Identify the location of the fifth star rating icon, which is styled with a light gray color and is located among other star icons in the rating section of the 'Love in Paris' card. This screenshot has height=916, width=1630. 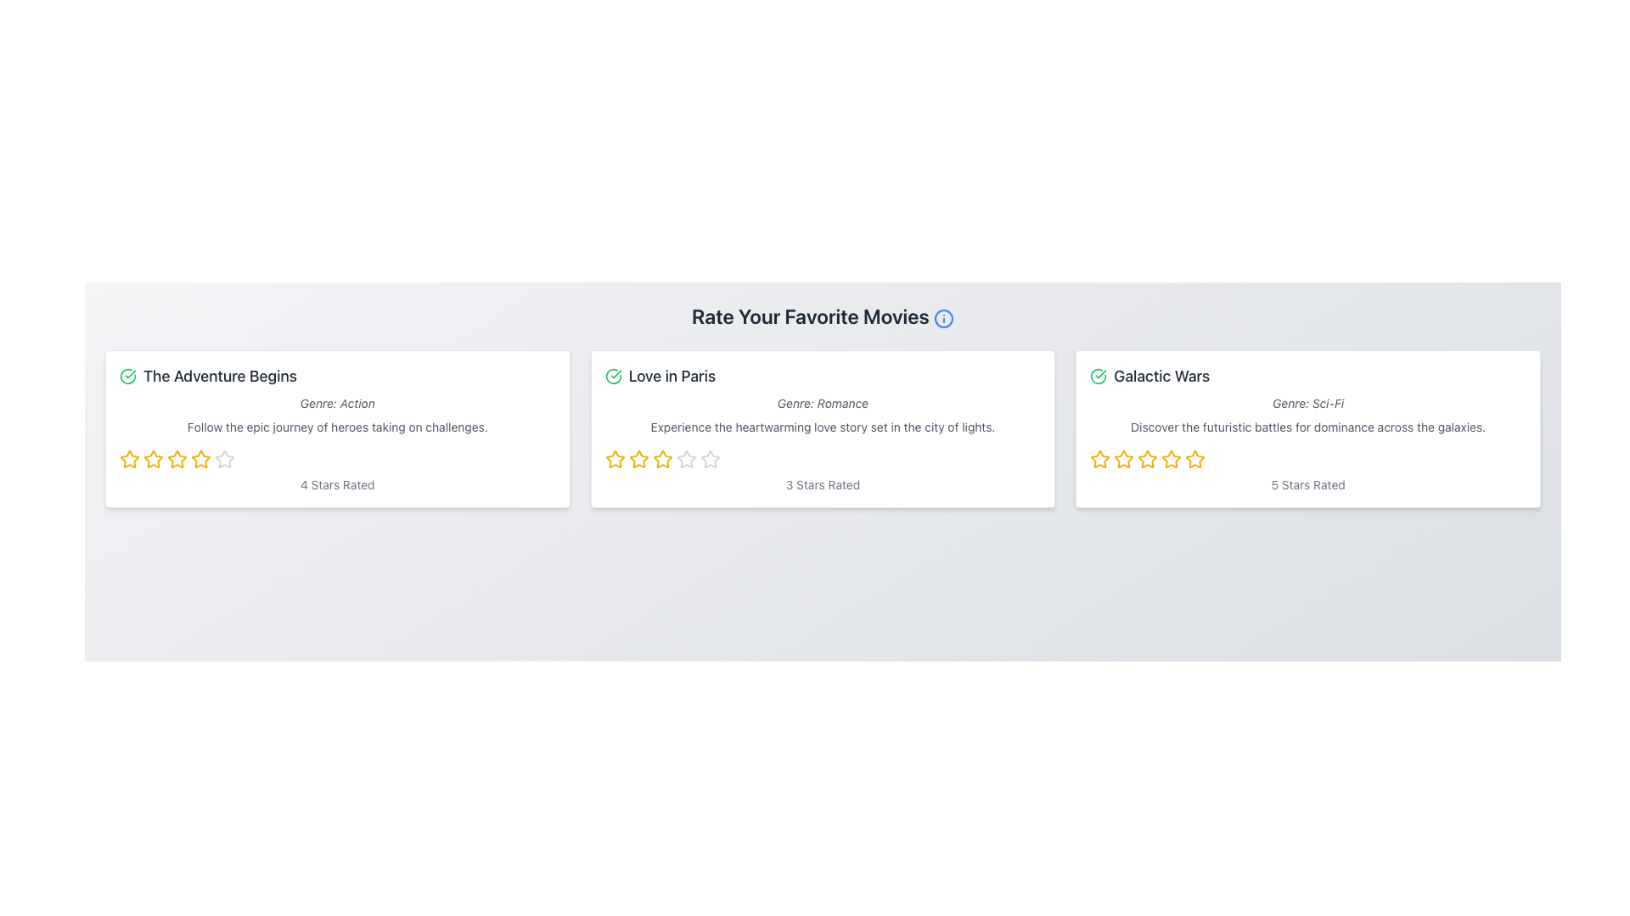
(710, 460).